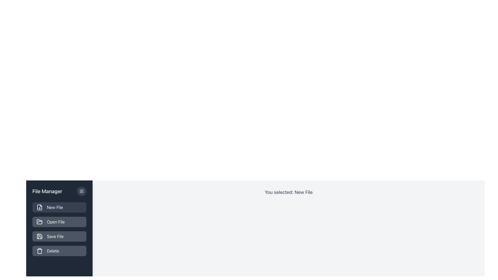 The width and height of the screenshot is (498, 280). What do you see at coordinates (39, 222) in the screenshot?
I see `the 'Open File' button which contains an icon resembling an open folder, located in a vertical stack of buttons in the sidebar` at bounding box center [39, 222].